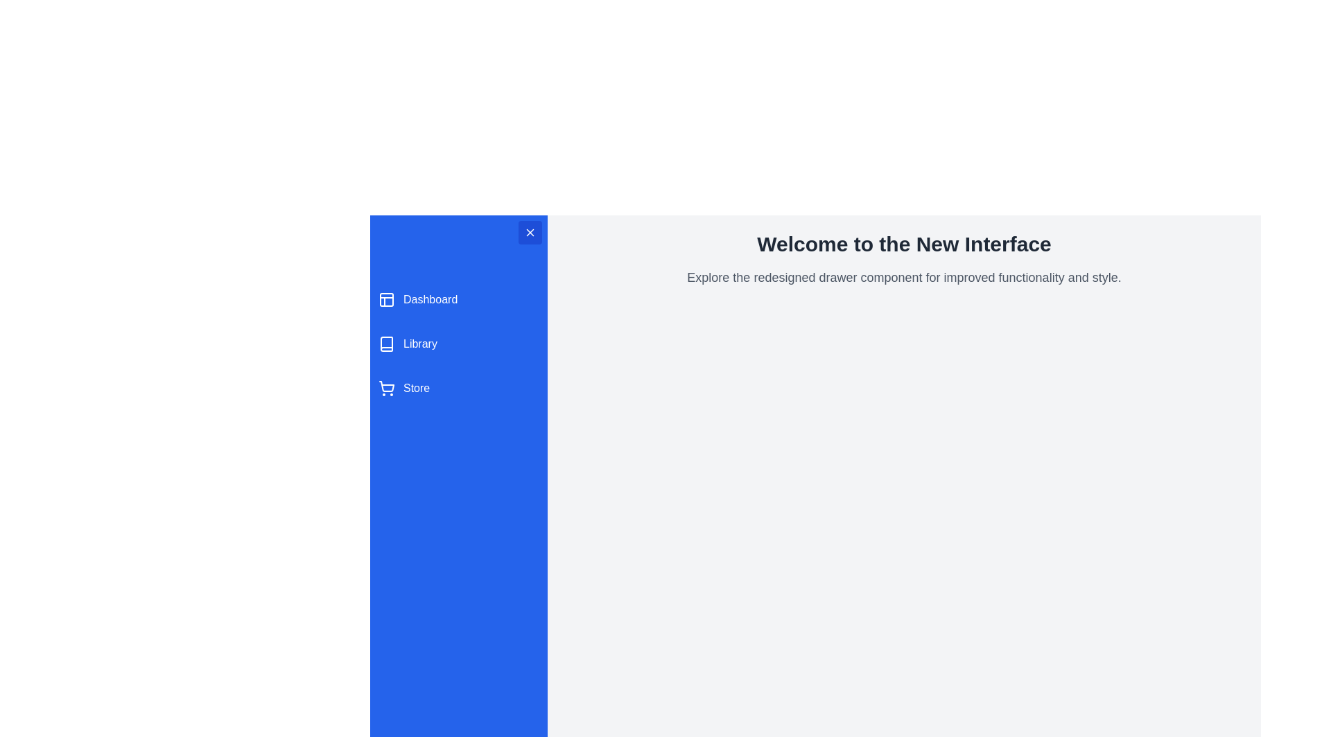 The image size is (1331, 748). I want to click on the blue panel layout icon located to the left of the 'Dashboard' text in the sidebar menu, so click(386, 299).